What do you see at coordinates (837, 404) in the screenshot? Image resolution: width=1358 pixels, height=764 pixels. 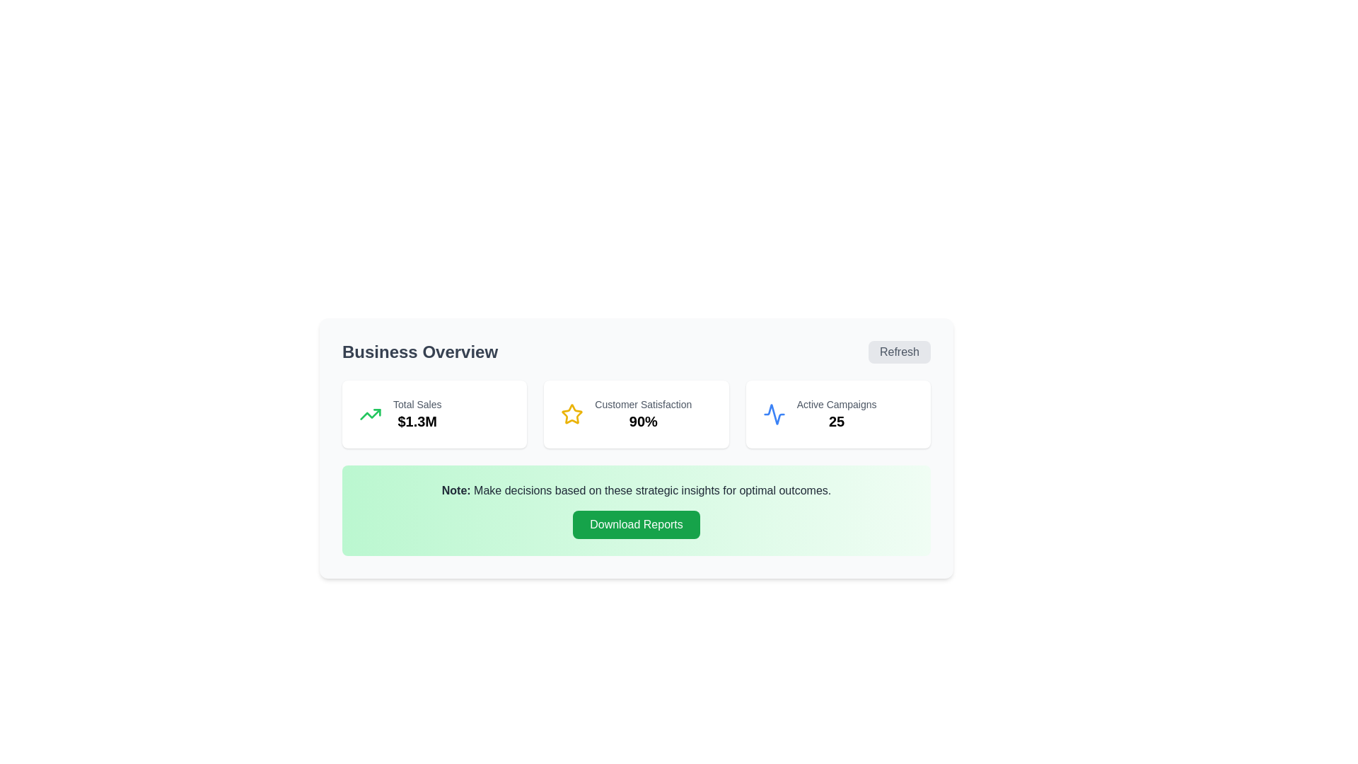 I see `the static text label in the Business Overview section that describes the metric displayed below it, which is positioned above the numeric value '25'` at bounding box center [837, 404].